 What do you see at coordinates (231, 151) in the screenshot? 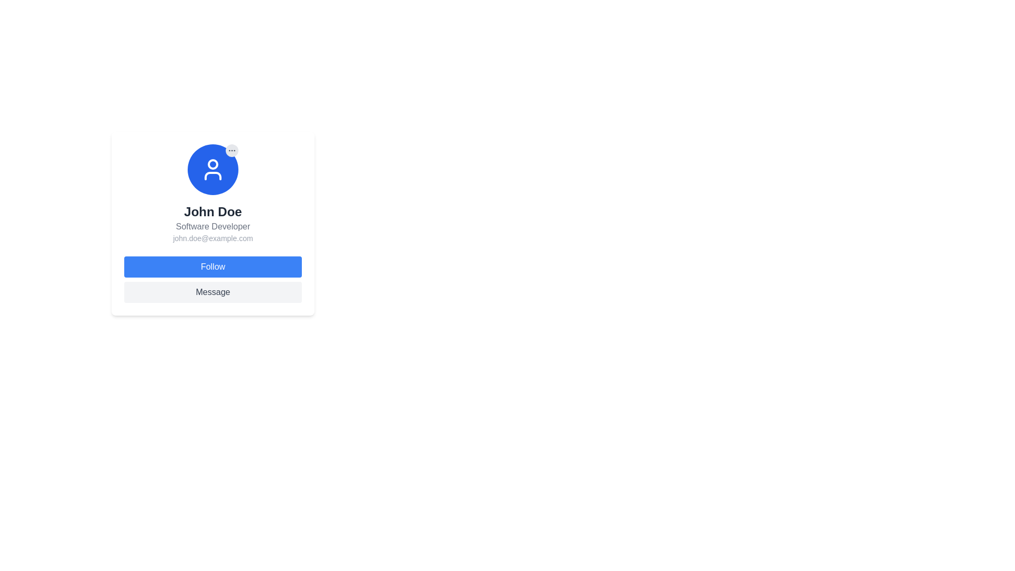
I see `the ellipsis icon located in the top-right corner of the user's profile card` at bounding box center [231, 151].